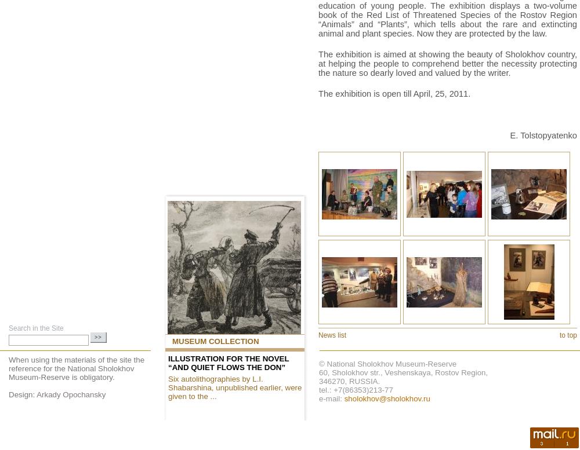 This screenshot has width=580, height=450. I want to click on 'Search in the Site', so click(36, 328).